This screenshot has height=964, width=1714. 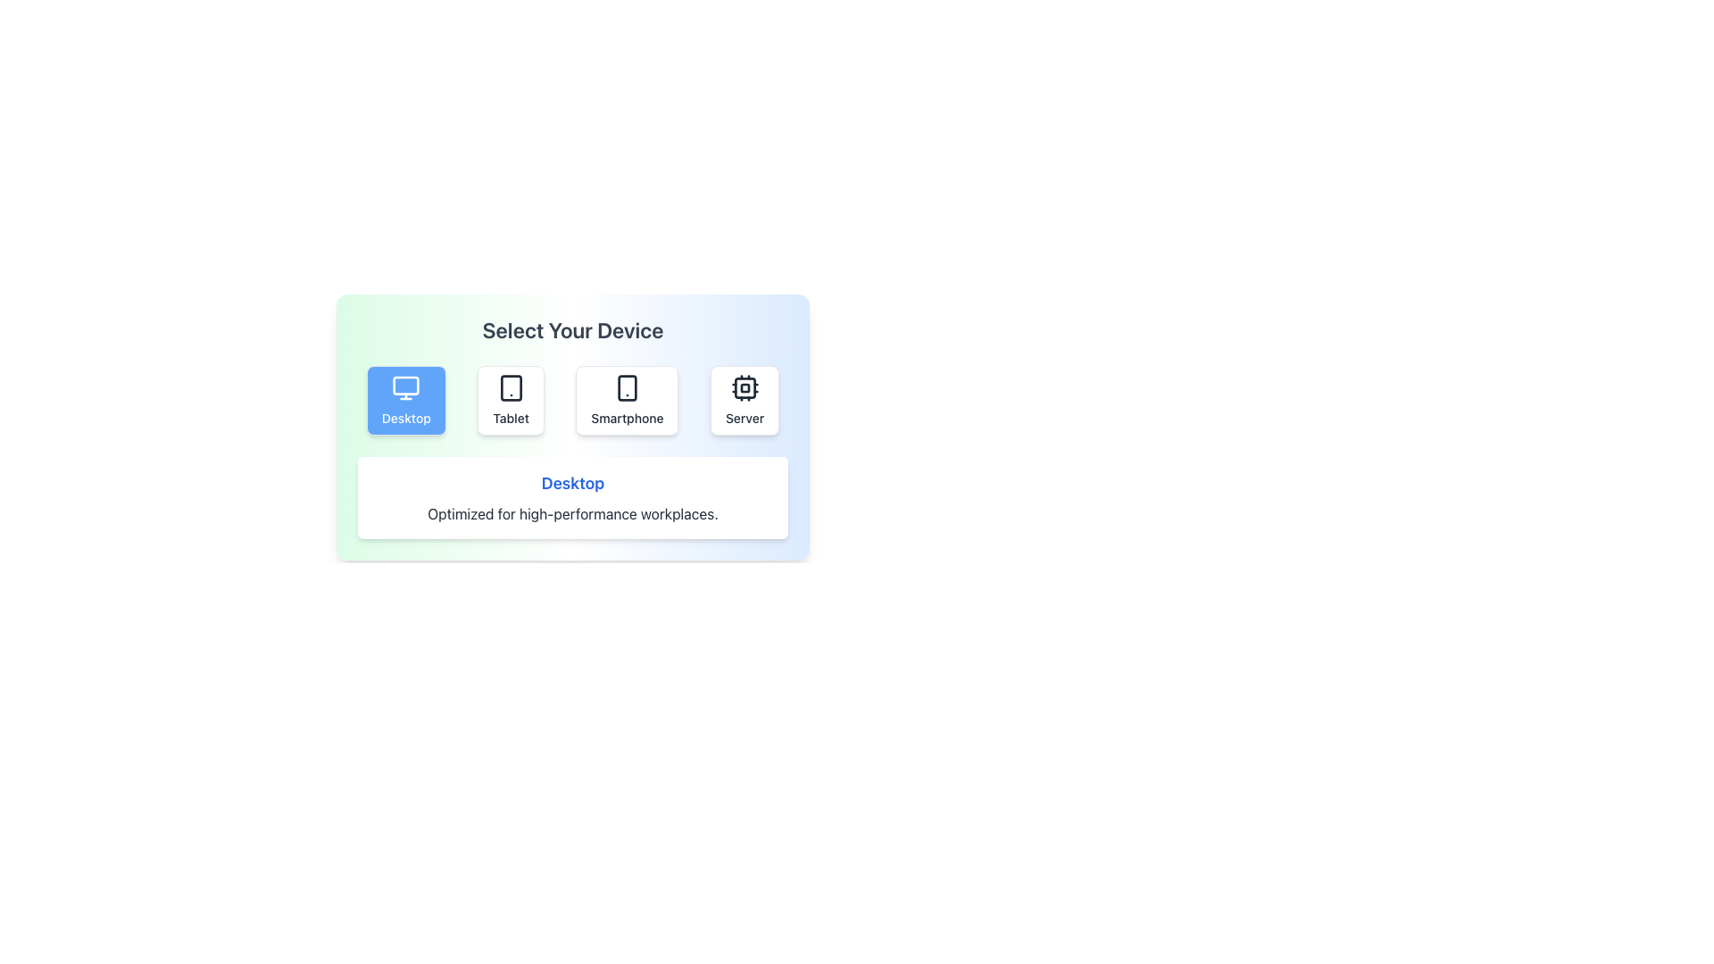 What do you see at coordinates (627, 387) in the screenshot?
I see `the smartphone icon component which visually represents the body of the smartphone in the selection interface` at bounding box center [627, 387].